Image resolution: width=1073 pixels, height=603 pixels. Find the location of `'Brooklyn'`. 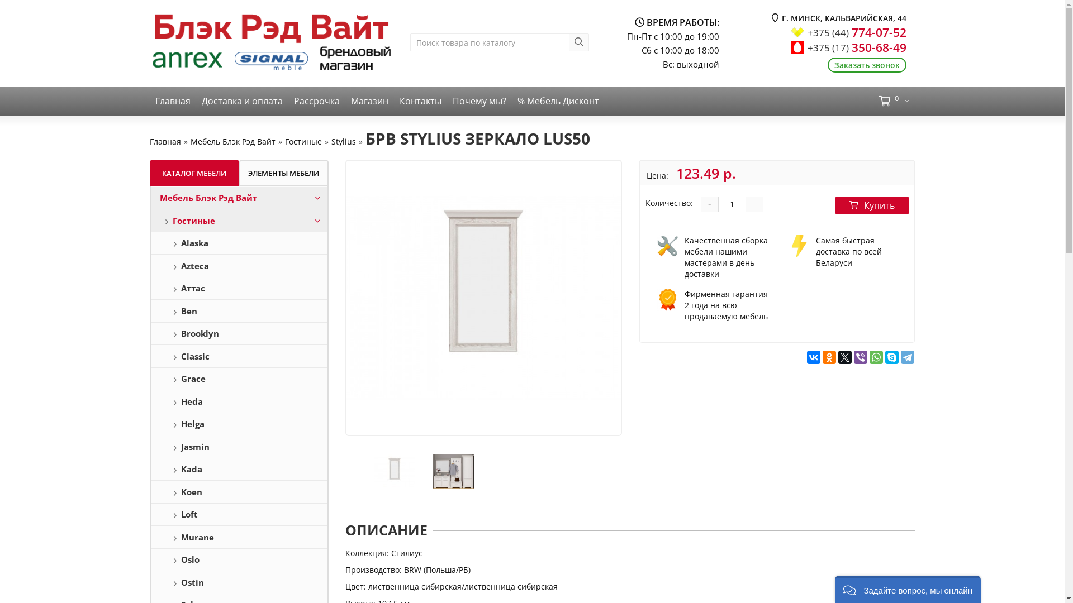

'Brooklyn' is located at coordinates (238, 333).